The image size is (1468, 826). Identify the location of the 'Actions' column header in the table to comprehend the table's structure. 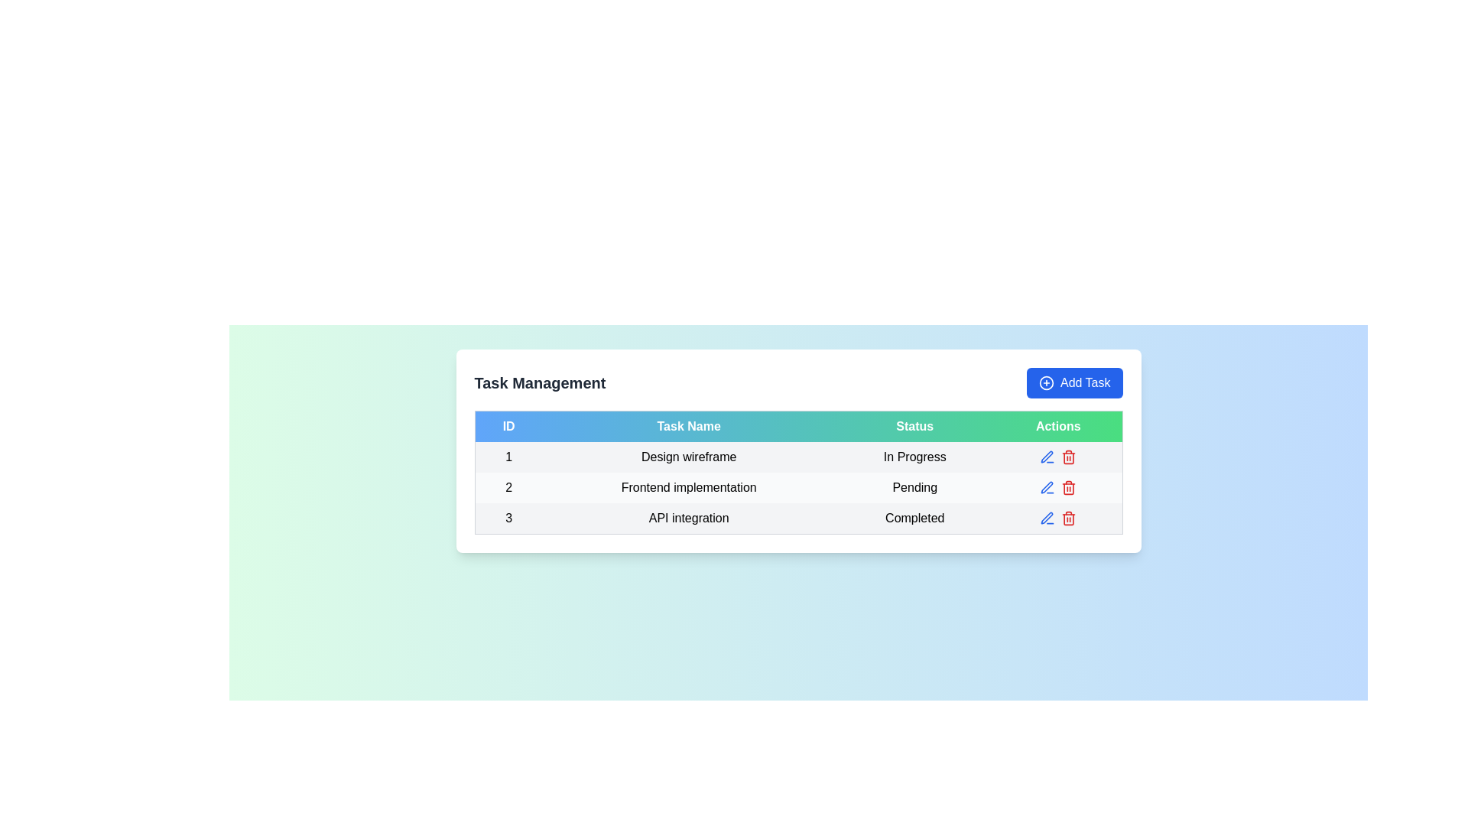
(1057, 425).